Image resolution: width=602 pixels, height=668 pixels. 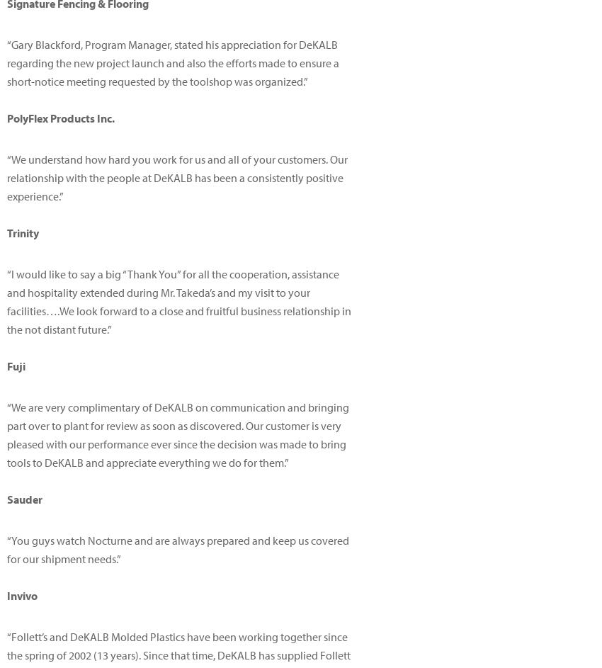 What do you see at coordinates (6, 301) in the screenshot?
I see `'I would like to say a big “Thank You” for all the cooperation, assistance and hospitality extended during Mr. Takeda’s and my visit to your facilities….We look forward to a close and fruitful business relationship in the not distant future.'` at bounding box center [6, 301].